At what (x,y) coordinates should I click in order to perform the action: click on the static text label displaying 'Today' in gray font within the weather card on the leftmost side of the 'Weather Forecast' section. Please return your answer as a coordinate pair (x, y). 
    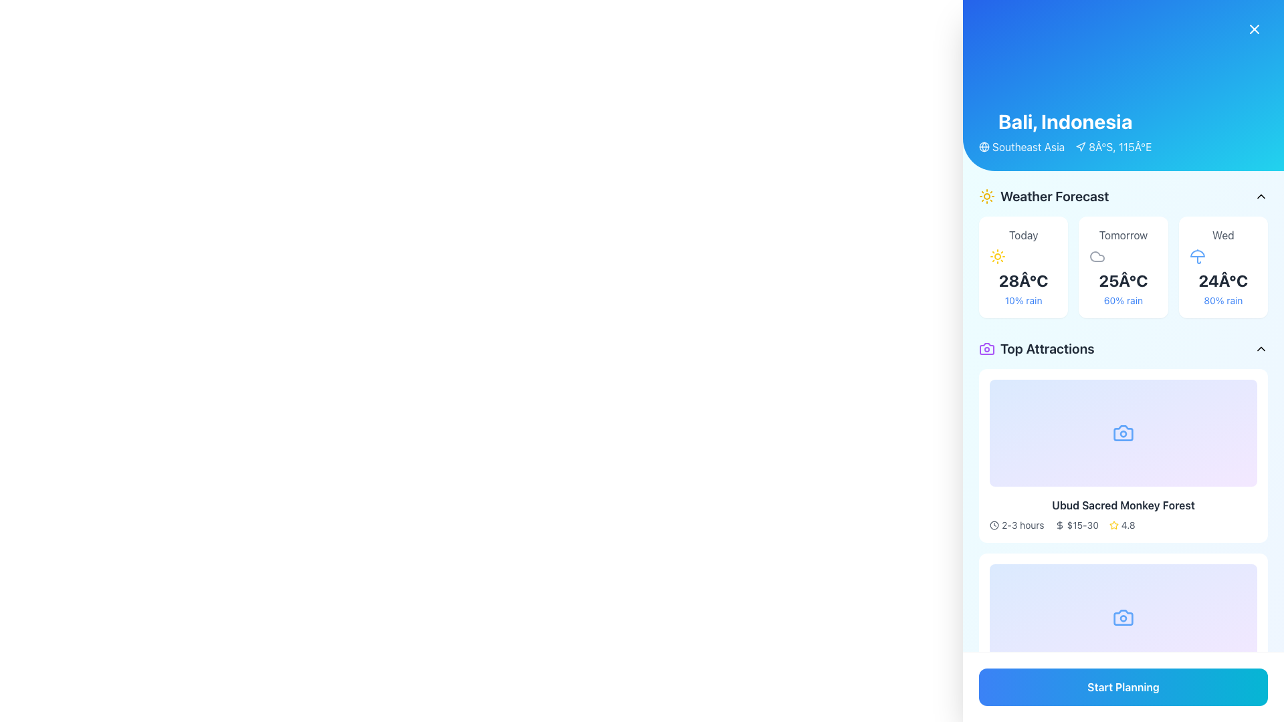
    Looking at the image, I should click on (1023, 234).